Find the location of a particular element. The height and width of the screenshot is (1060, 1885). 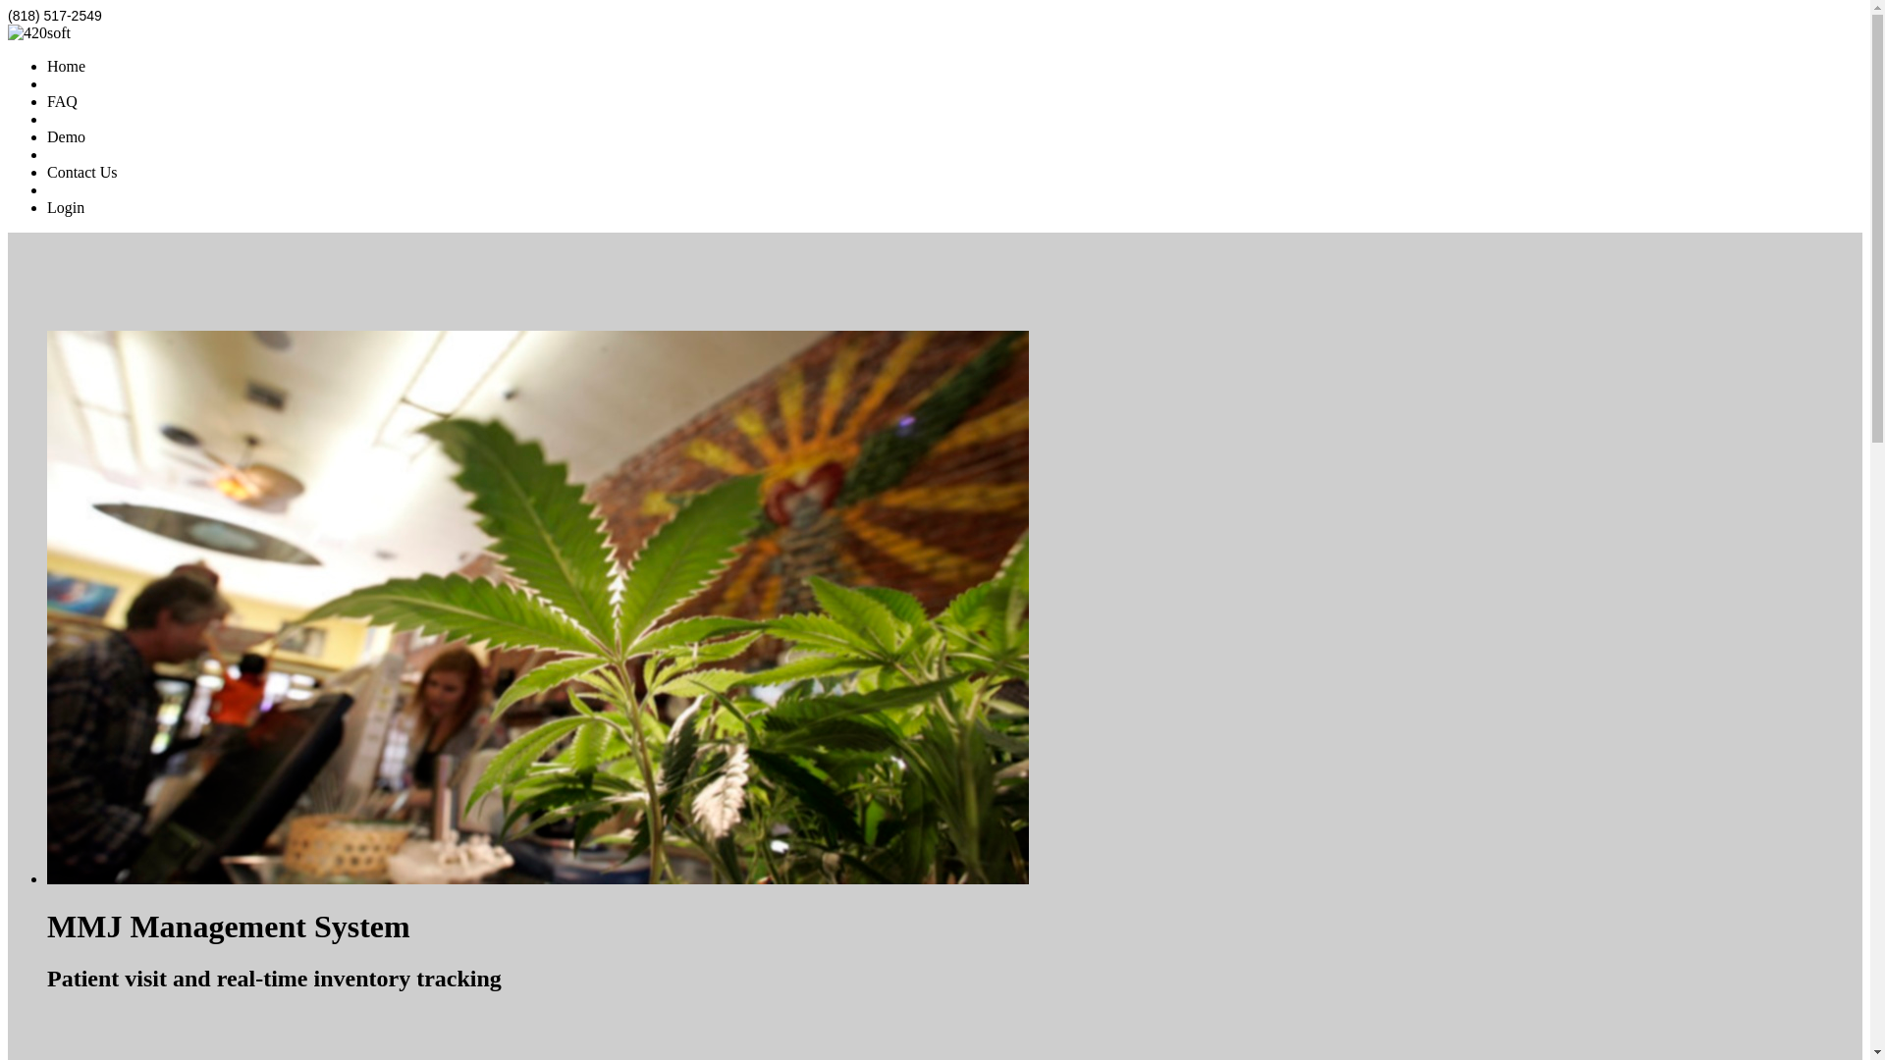

'Contact Us' is located at coordinates (81, 171).